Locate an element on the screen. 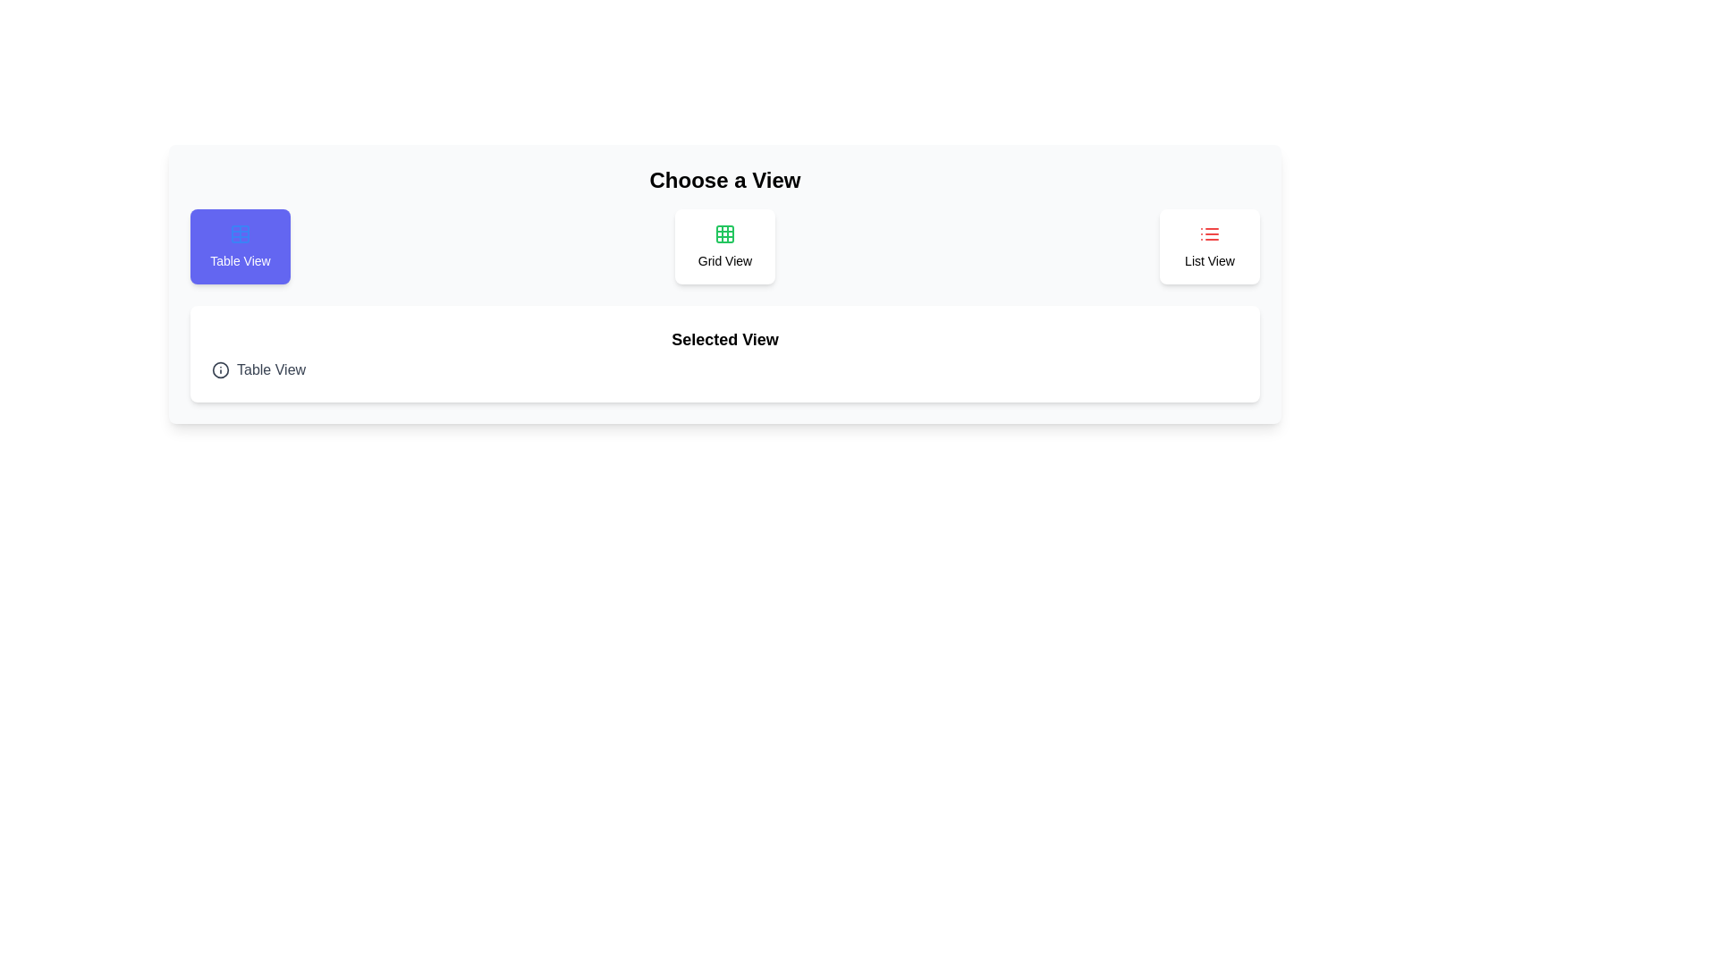 This screenshot has height=966, width=1717. text displayed in the 'Grid View' label, which is a medium-sized text label centered within a rounded rectangular button in the layout selector row is located at coordinates (725, 261).